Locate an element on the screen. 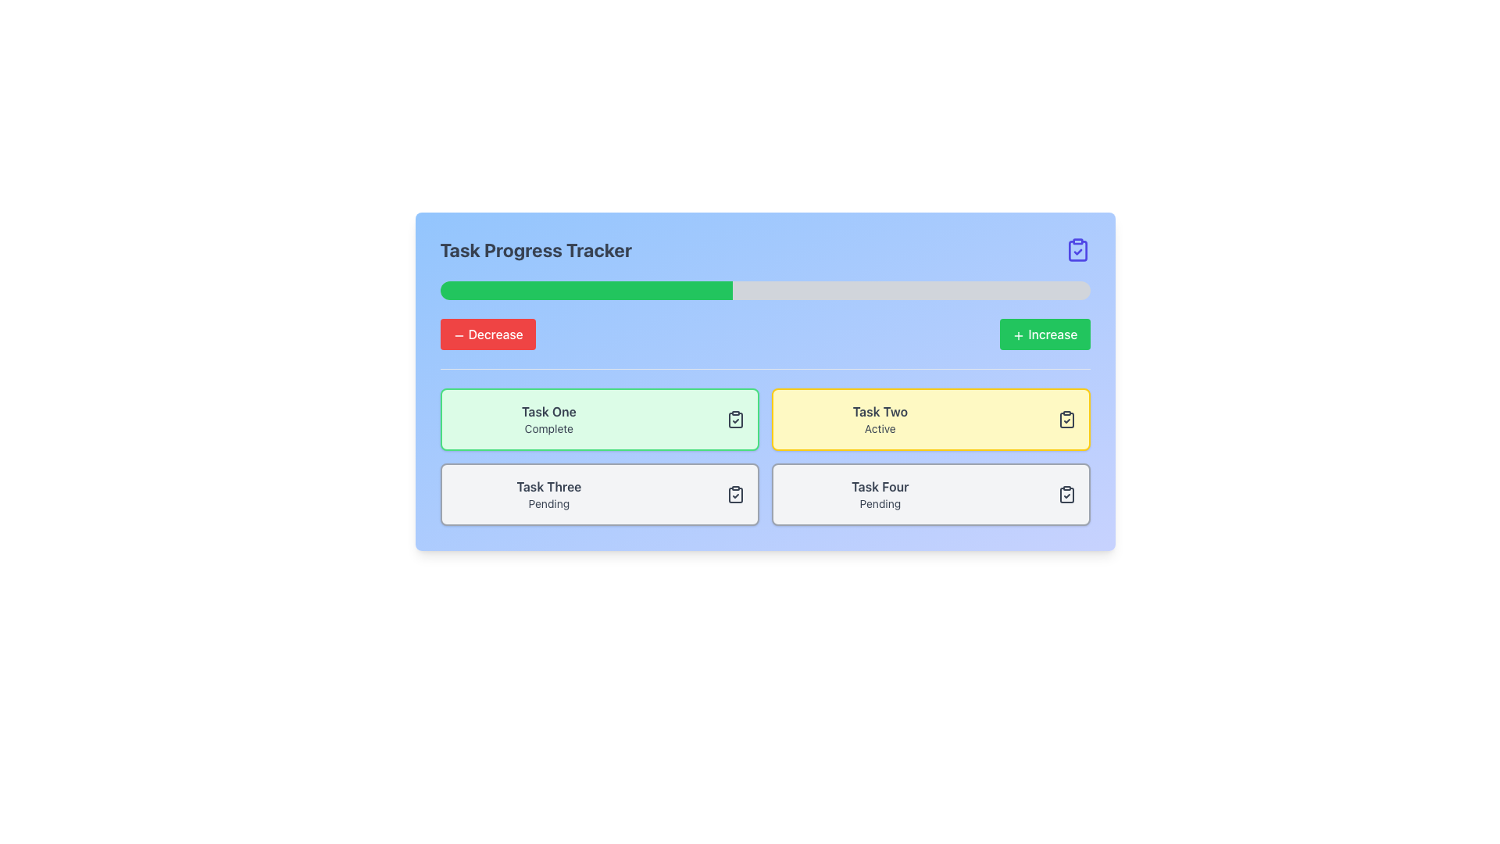 This screenshot has width=1500, height=844. the Text Label element that displays 'Task One' in bold and 'Complete' in smaller, capitalized style, located within the green card in the top left of the grid layout beneath the progress bar is located at coordinates (548, 418).